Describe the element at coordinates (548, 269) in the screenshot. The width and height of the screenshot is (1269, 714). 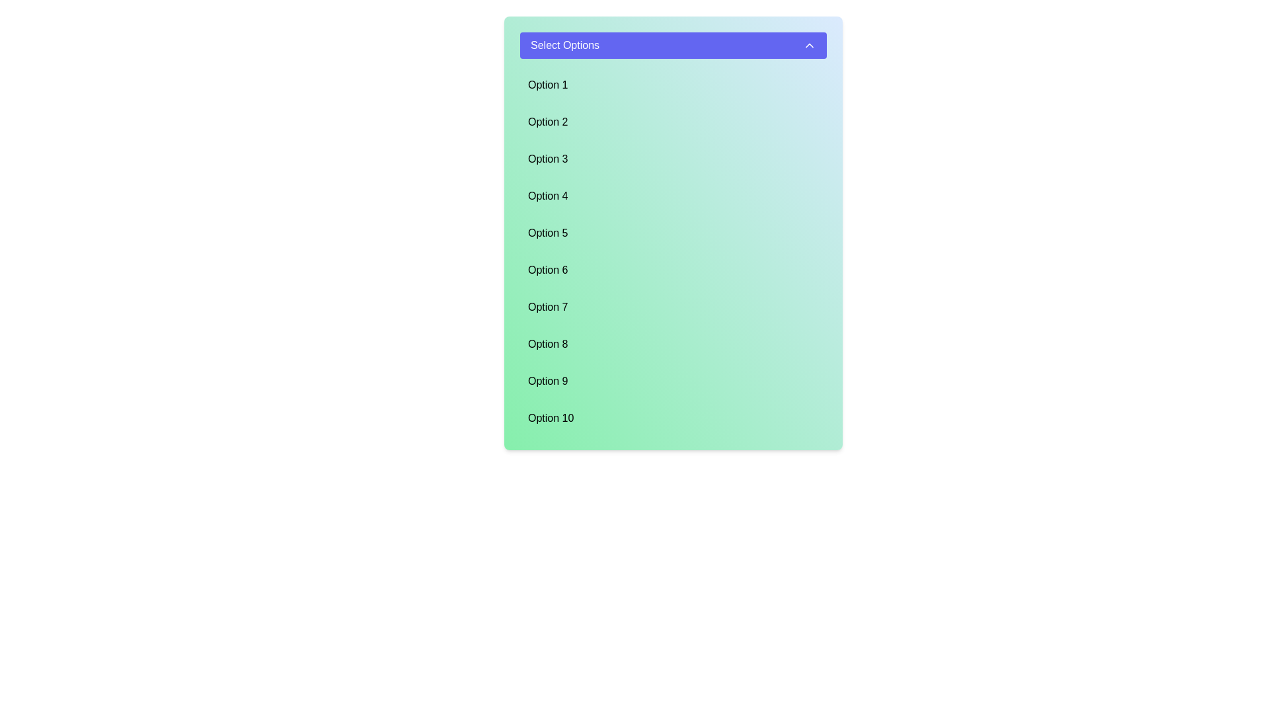
I see `the sixth selectable option in the dropdown menu` at that location.